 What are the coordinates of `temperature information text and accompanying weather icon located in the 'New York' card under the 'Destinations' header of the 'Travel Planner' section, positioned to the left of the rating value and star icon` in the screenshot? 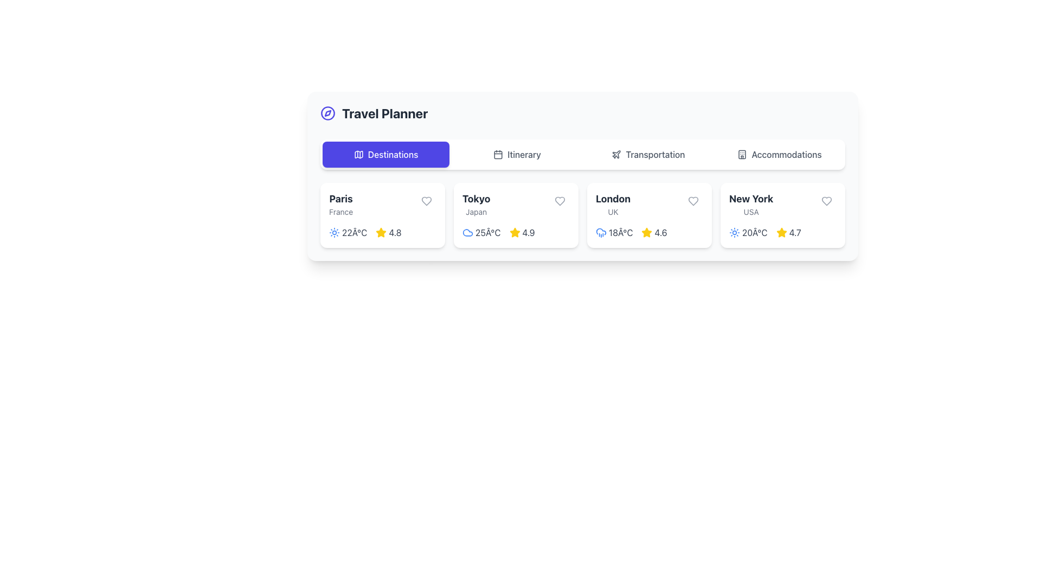 It's located at (748, 232).